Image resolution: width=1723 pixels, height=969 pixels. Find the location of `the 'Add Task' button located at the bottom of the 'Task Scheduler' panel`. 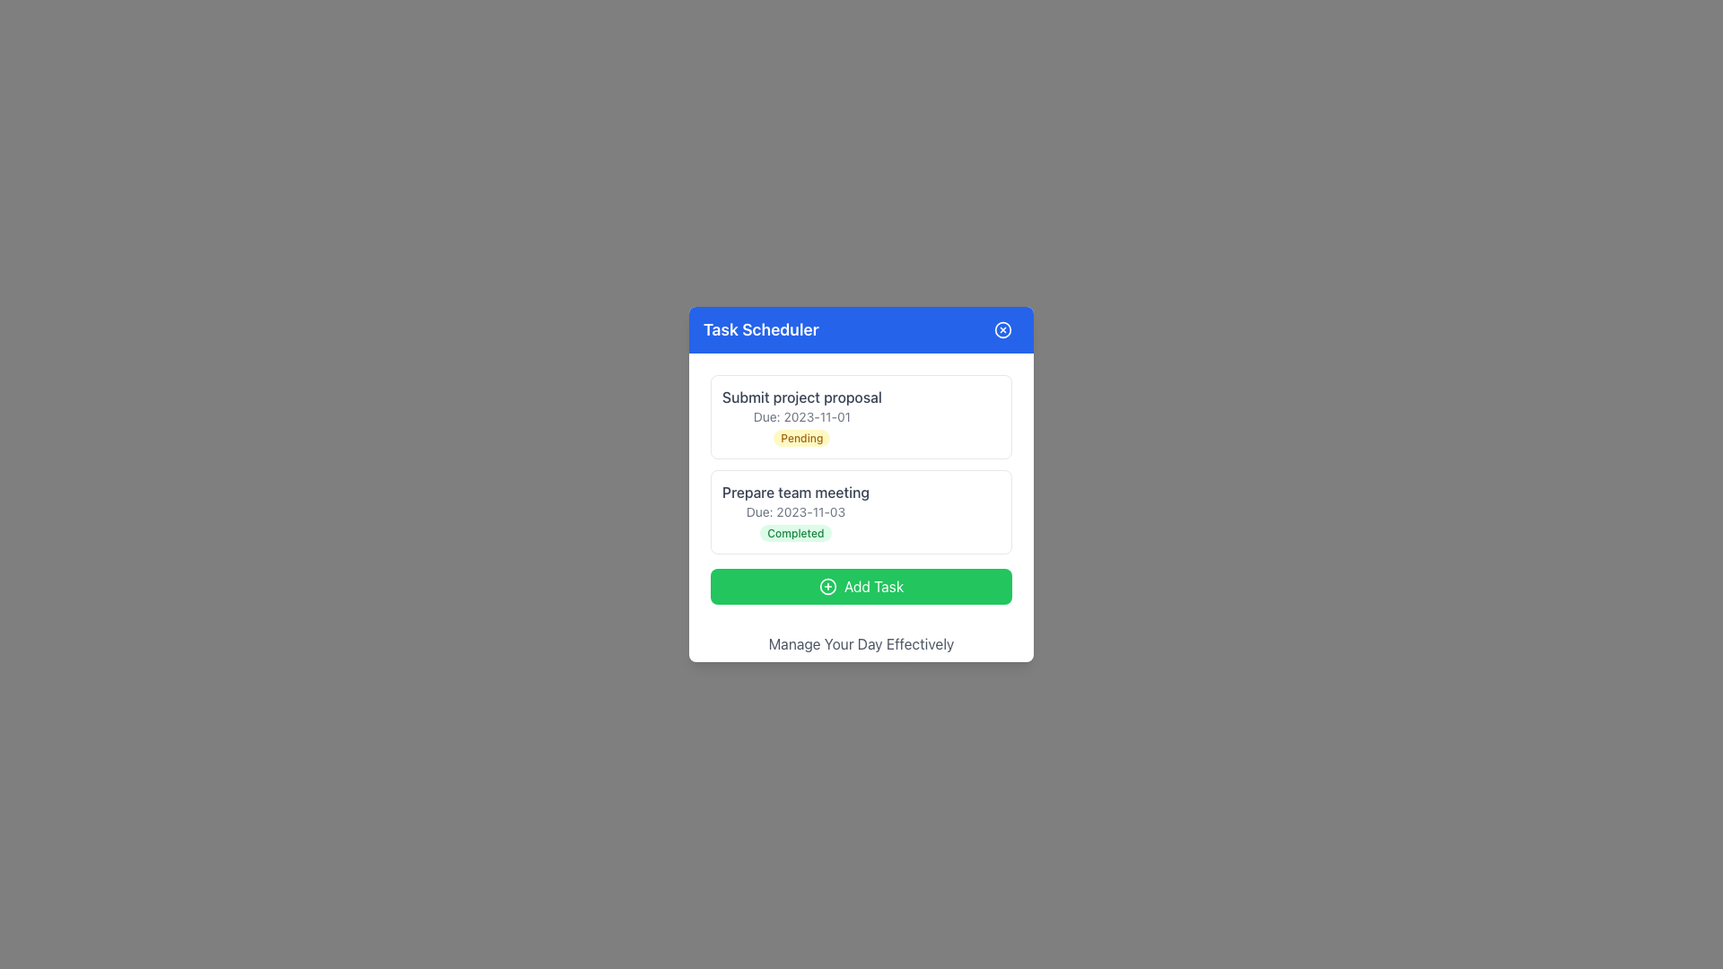

the 'Add Task' button located at the bottom of the 'Task Scheduler' panel is located at coordinates (861, 587).